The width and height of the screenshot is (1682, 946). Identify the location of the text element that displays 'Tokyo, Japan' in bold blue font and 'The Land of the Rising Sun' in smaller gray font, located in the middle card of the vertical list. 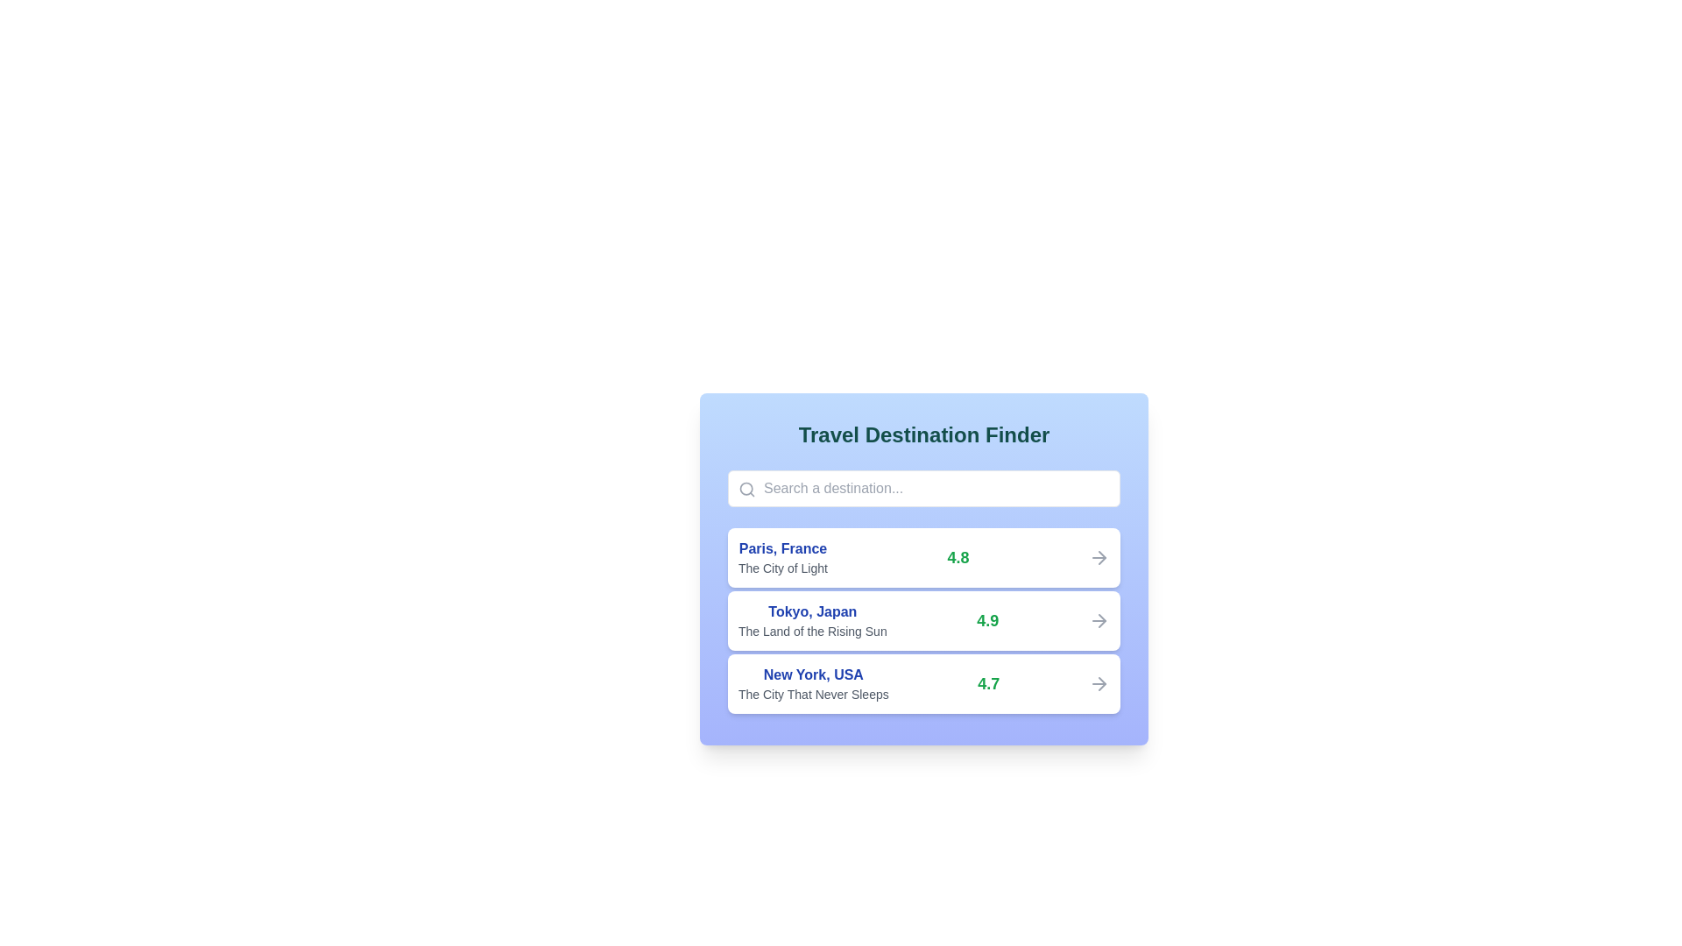
(811, 620).